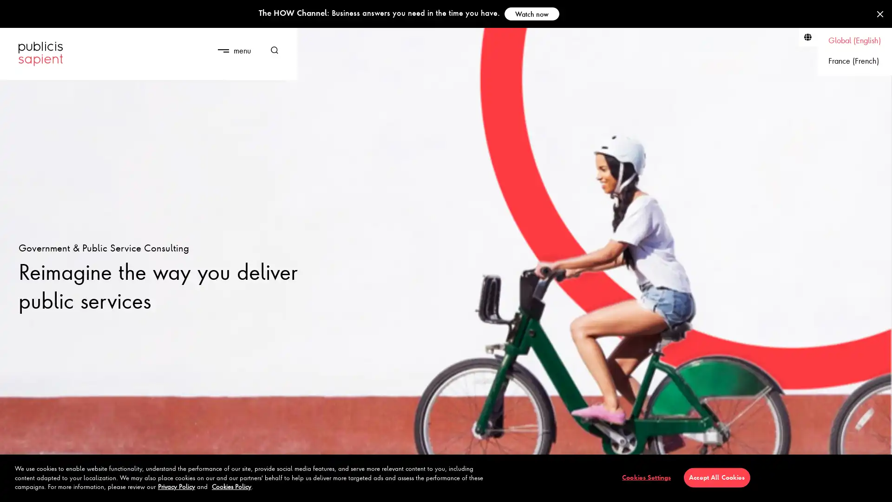  I want to click on menu, so click(234, 50).